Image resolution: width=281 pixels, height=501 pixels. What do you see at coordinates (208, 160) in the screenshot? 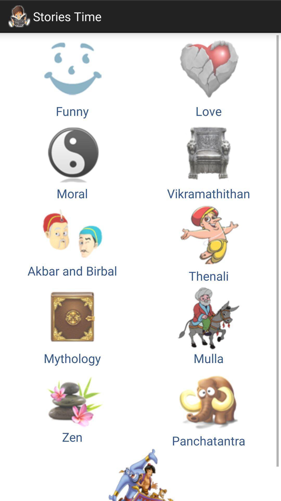
I see `the item below the funny icon` at bounding box center [208, 160].